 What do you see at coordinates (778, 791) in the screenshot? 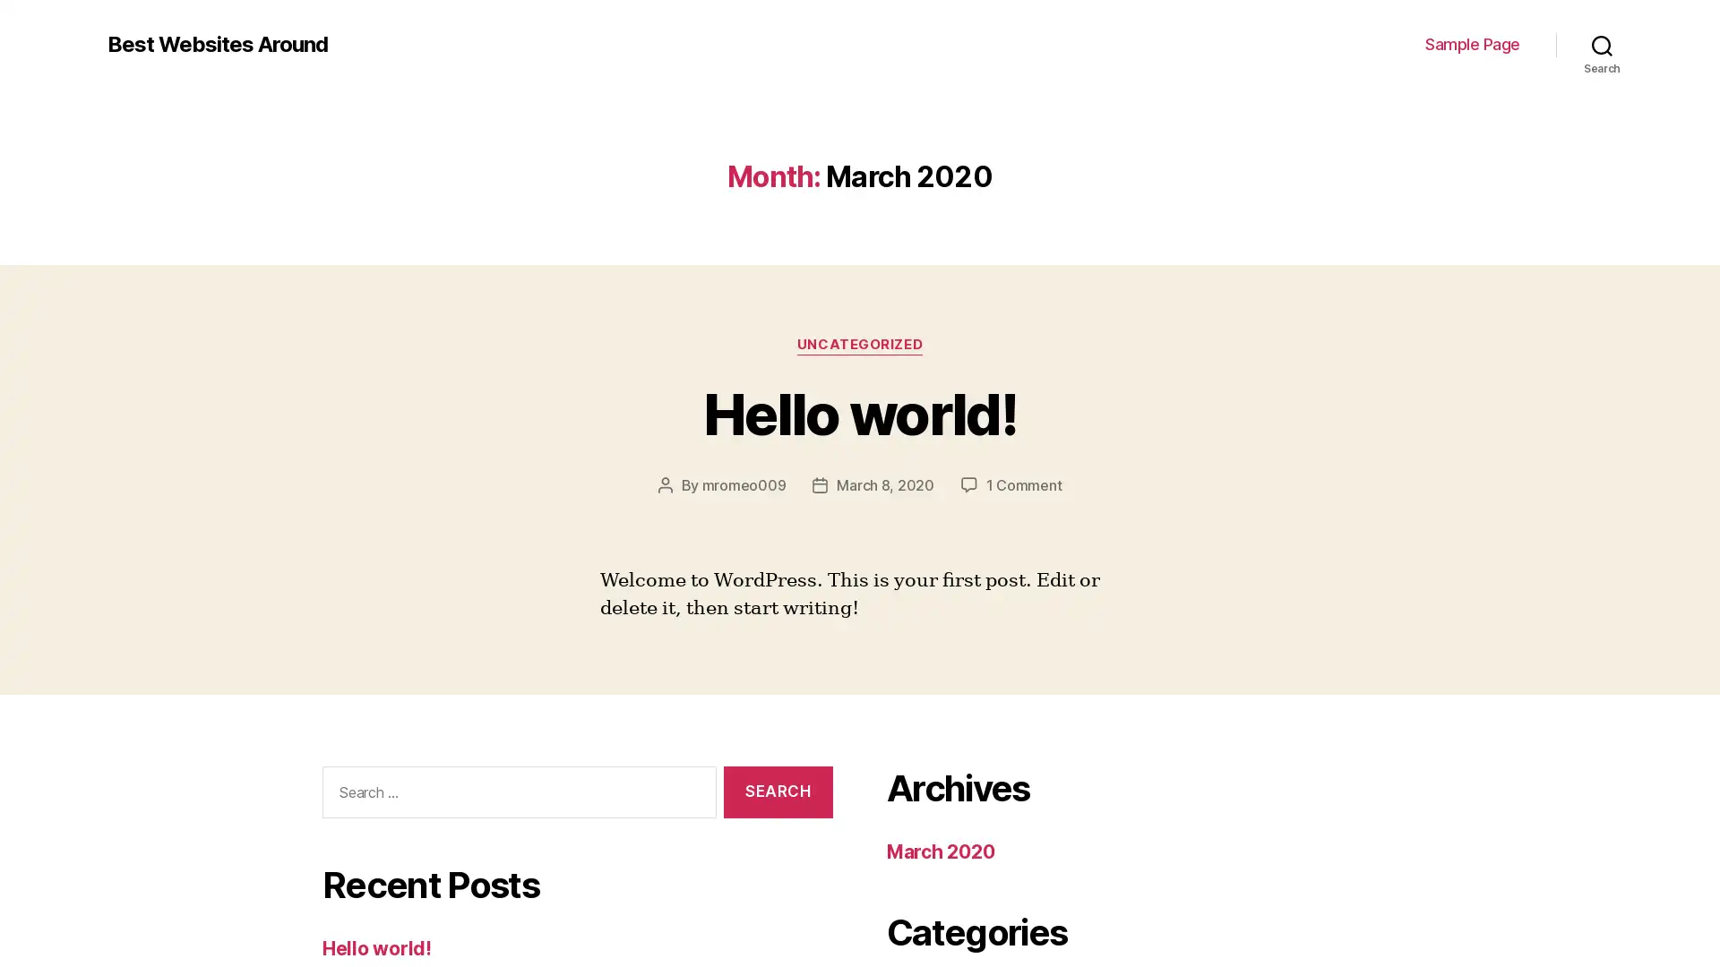
I see `Search` at bounding box center [778, 791].